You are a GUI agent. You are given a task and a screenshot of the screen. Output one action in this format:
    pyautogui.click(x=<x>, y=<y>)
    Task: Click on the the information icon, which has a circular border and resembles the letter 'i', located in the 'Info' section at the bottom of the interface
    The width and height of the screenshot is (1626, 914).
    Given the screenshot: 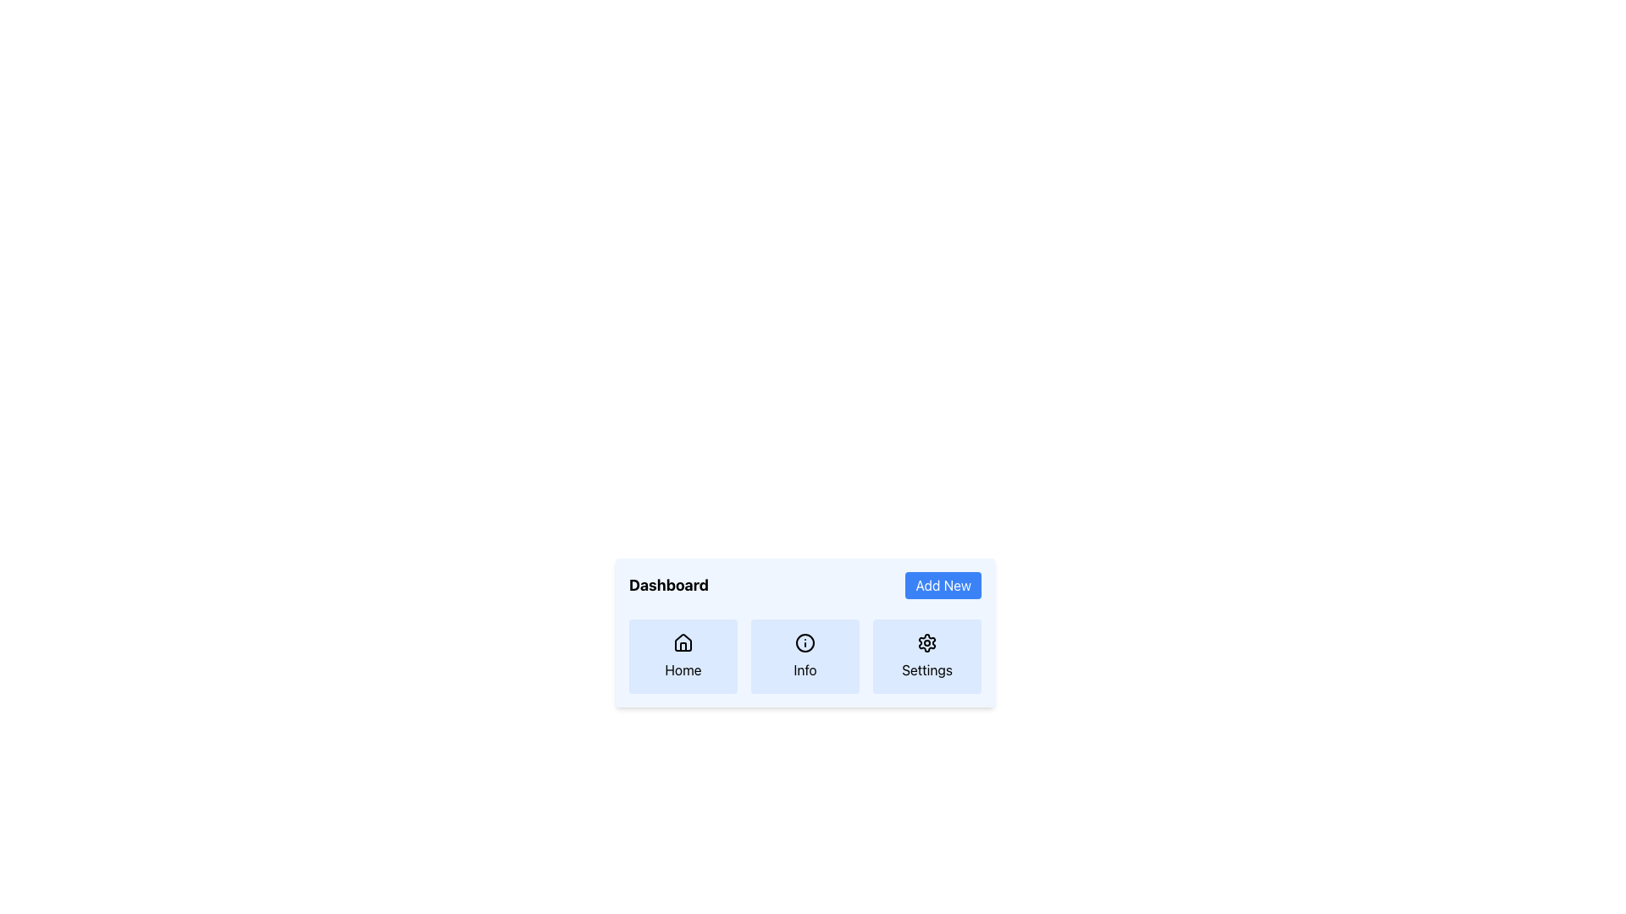 What is the action you would take?
    pyautogui.click(x=804, y=642)
    